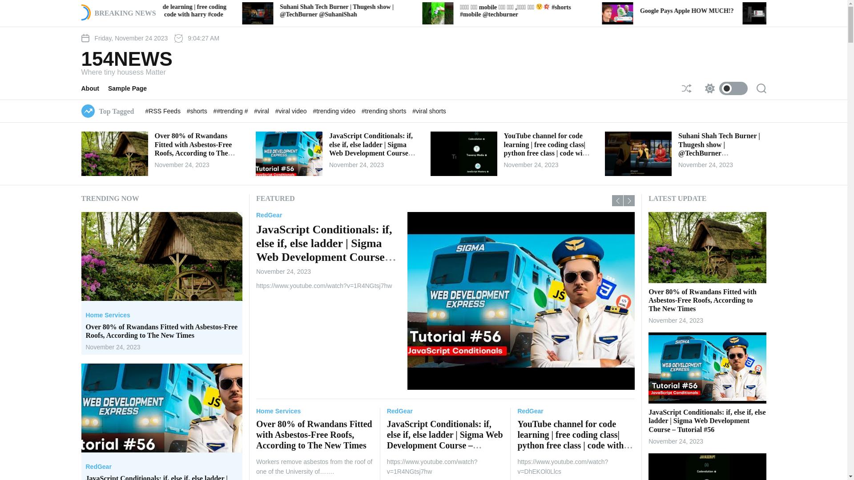 The width and height of the screenshot is (854, 480). I want to click on 'Switch color mode', so click(700, 88).